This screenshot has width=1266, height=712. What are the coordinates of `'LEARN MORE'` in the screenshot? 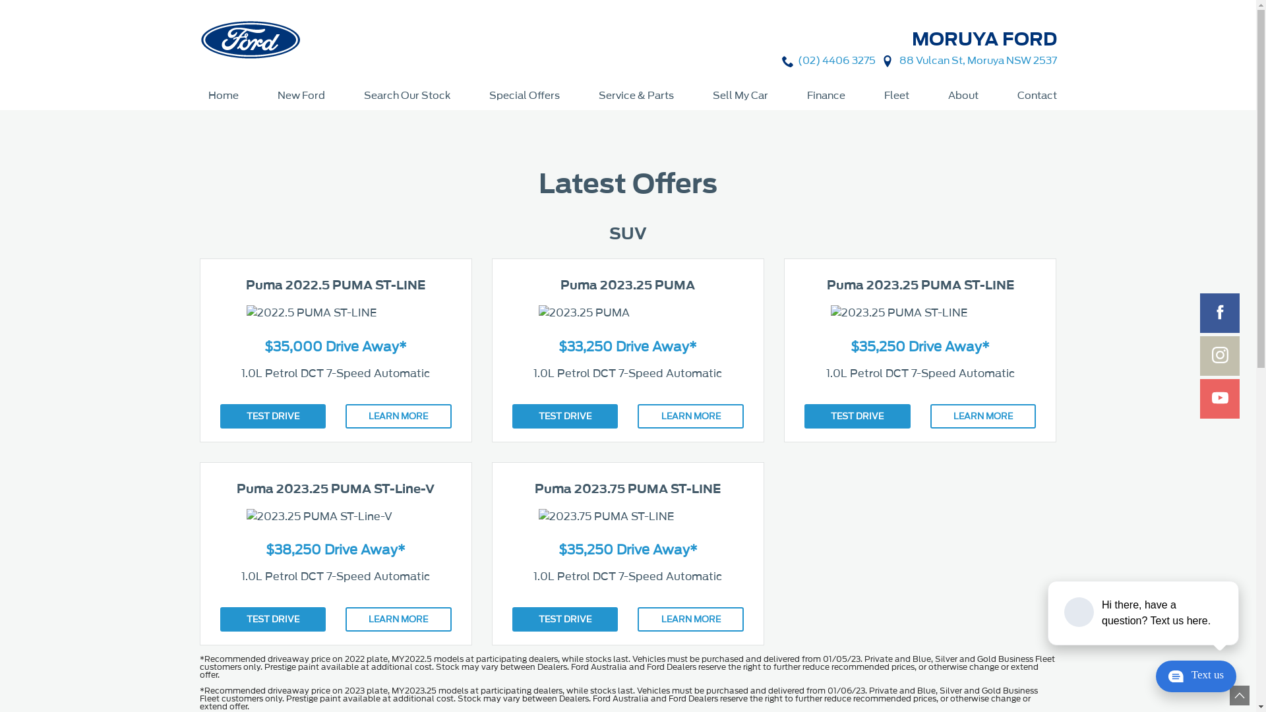 It's located at (398, 416).